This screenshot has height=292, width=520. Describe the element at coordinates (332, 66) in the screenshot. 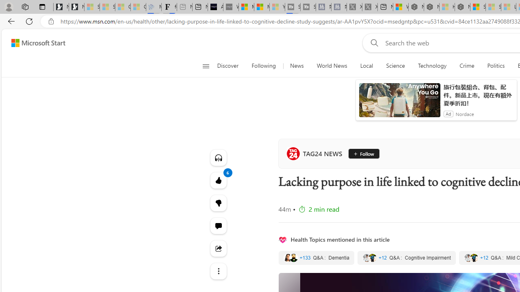

I see `'World News'` at that location.